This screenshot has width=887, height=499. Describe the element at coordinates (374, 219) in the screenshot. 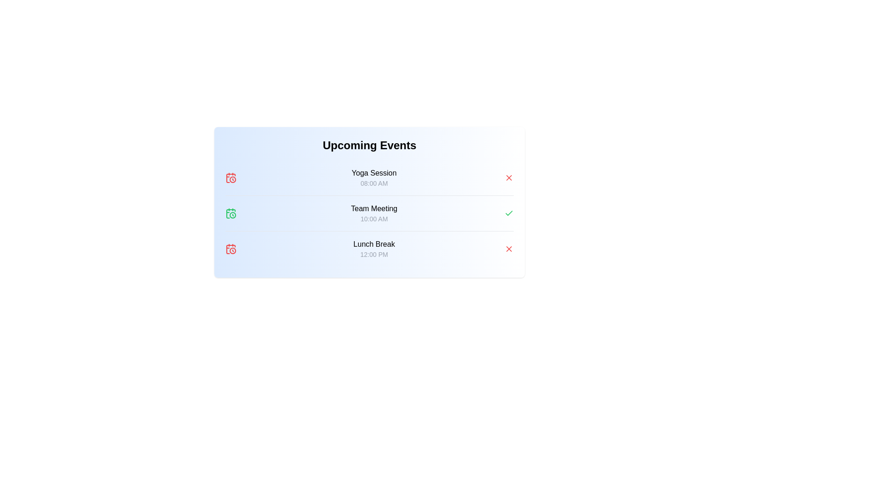

I see `the gray-colored text label displaying the time value '10:00 AM', positioned below the text 'Team Meeting'` at that location.